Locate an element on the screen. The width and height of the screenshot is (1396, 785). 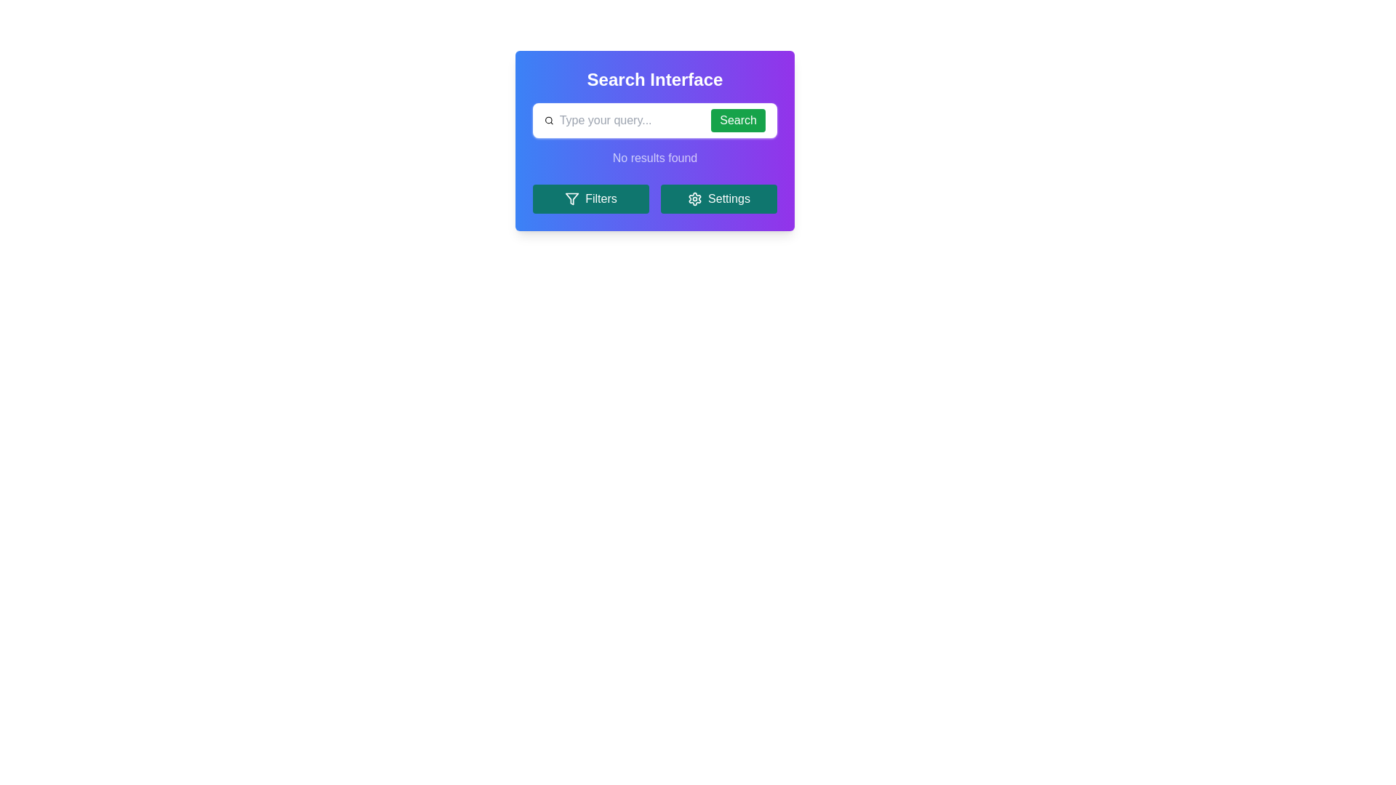
the settings icon, which is a gear shape located above the text label 'Settings' in a teal-green button at the bottom-right of the interface is located at coordinates (694, 198).